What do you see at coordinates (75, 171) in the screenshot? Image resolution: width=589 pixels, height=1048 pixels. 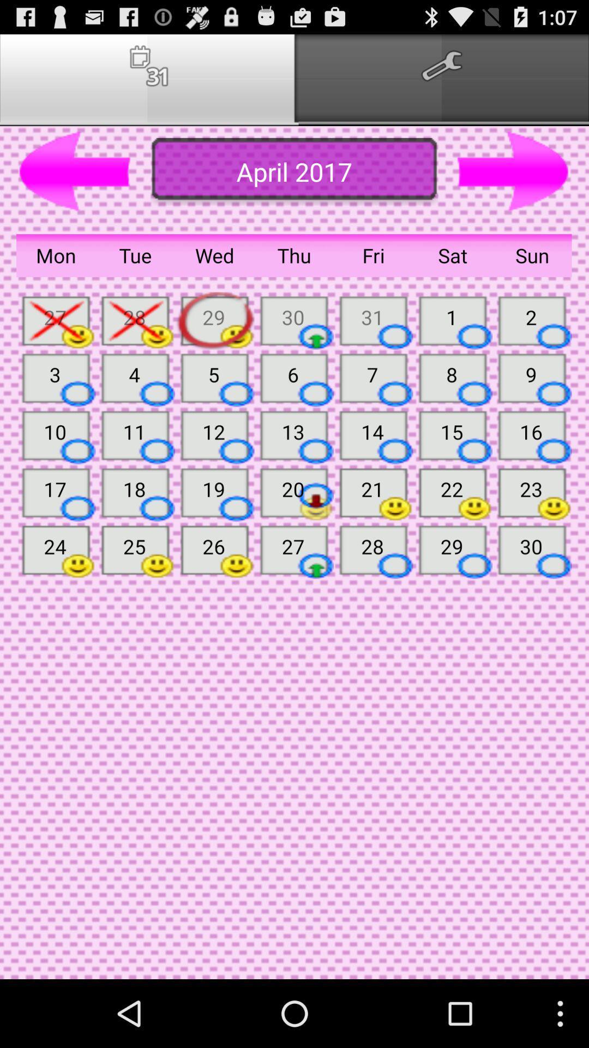 I see `preview button` at bounding box center [75, 171].